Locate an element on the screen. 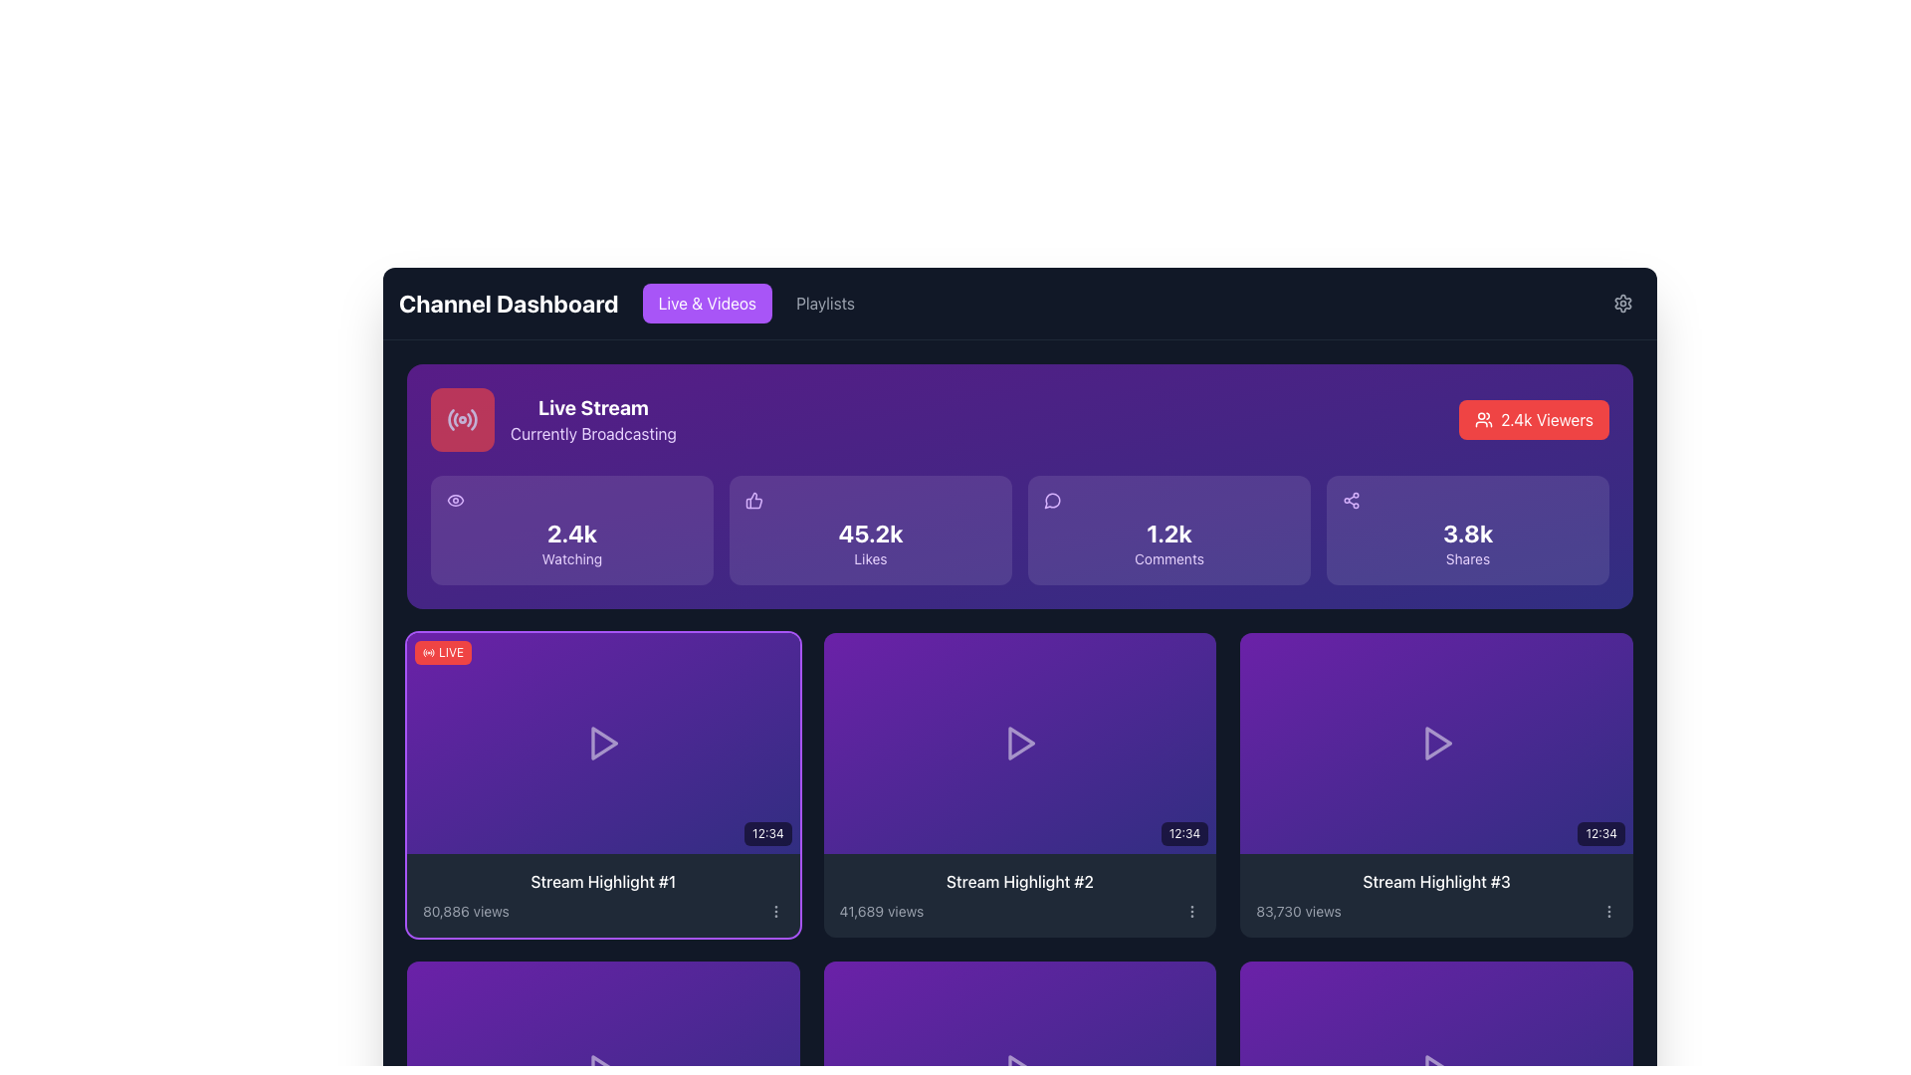 The image size is (1911, 1075). the non-interactive square button with a red background and a white radiating signal icon located in the top-left side of the 'Live Stream - Currently Broadcasting' section is located at coordinates (462, 418).